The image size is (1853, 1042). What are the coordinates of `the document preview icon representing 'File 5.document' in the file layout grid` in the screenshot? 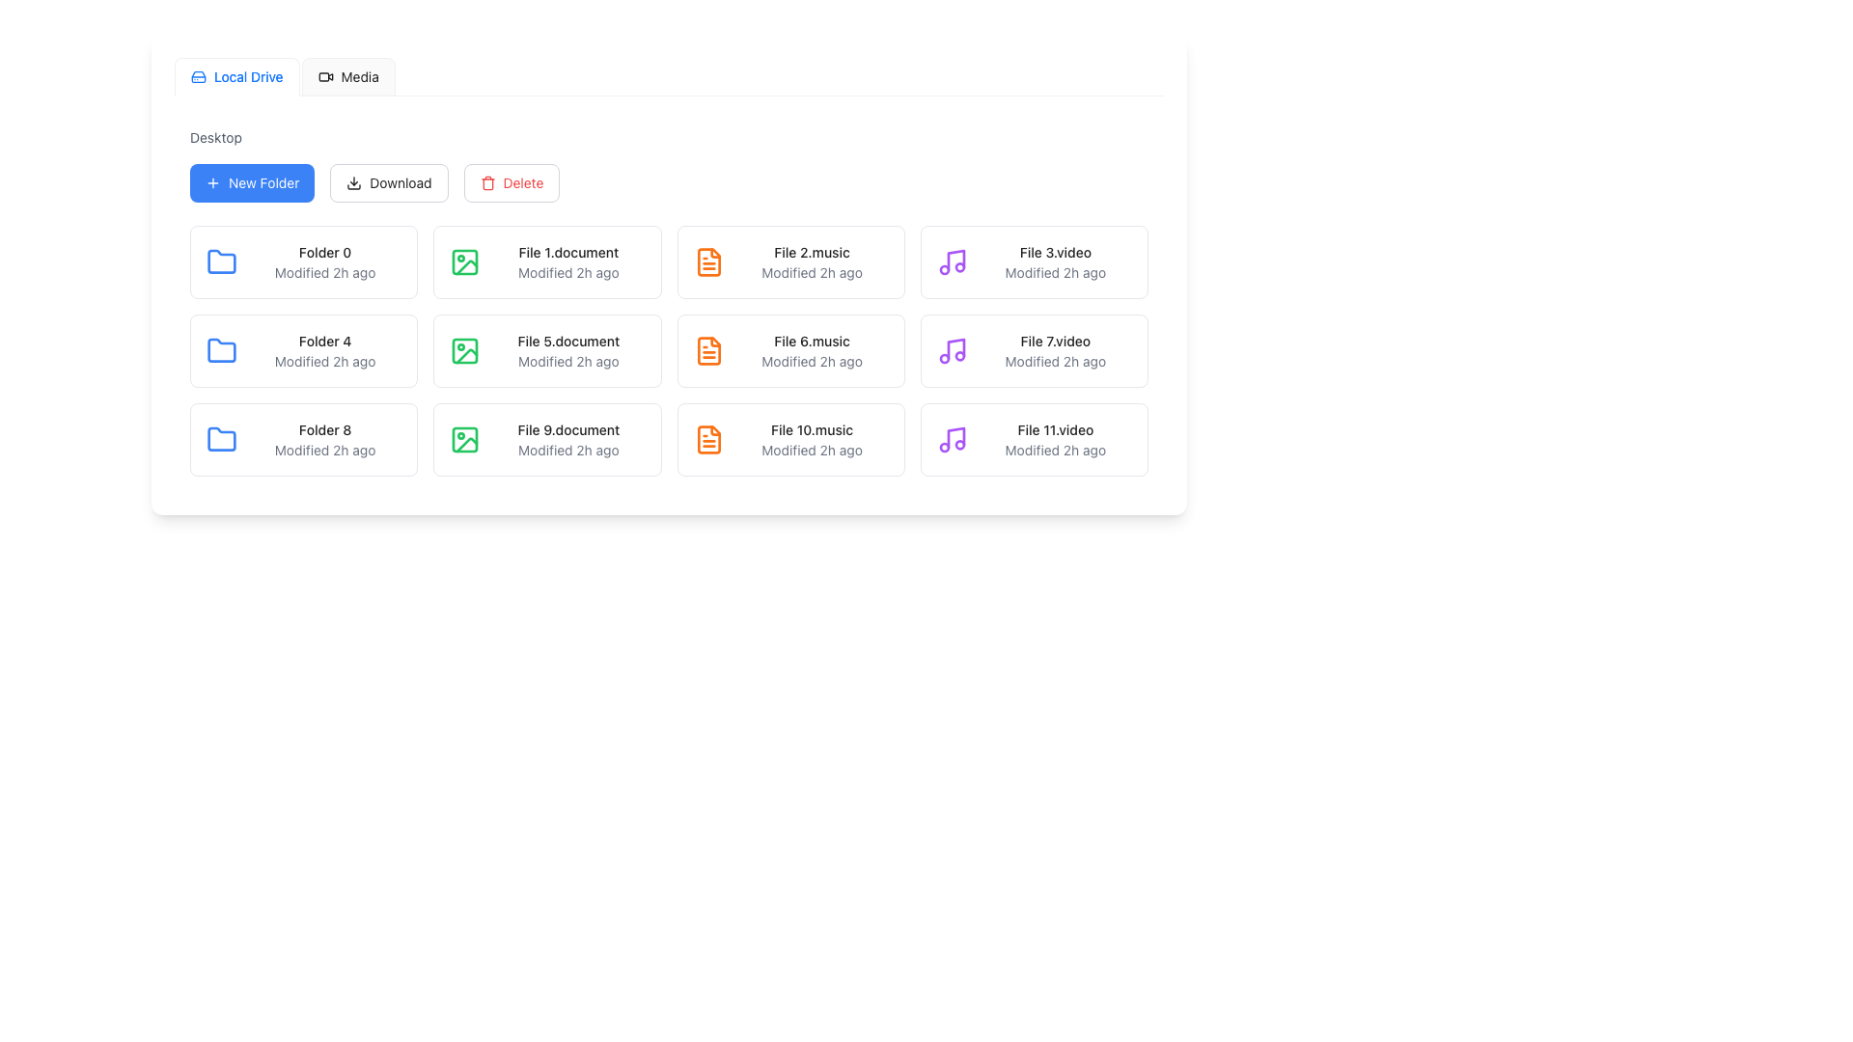 It's located at (465, 350).